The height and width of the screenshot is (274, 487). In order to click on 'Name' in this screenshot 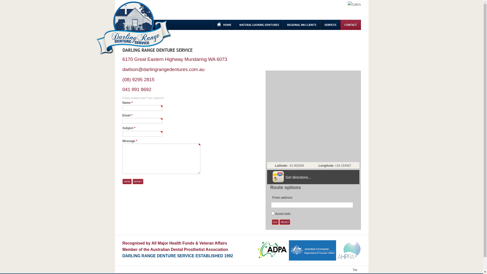, I will do `click(122, 108)`.